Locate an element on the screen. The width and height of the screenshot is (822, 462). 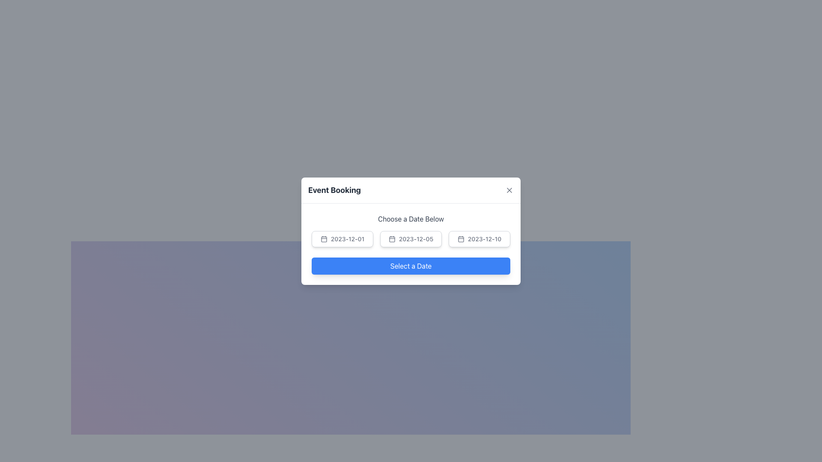
the compact calendar icon rendered as an SVG, located on the left side of the button labeled '2023-12-10' within the 'Event Booking' modal interface is located at coordinates (460, 239).